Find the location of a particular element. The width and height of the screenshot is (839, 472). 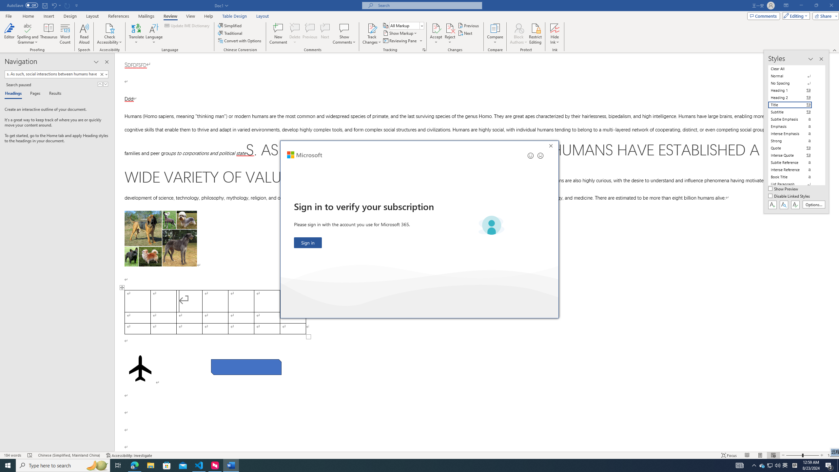

'Check Accessibility' is located at coordinates (109, 34).